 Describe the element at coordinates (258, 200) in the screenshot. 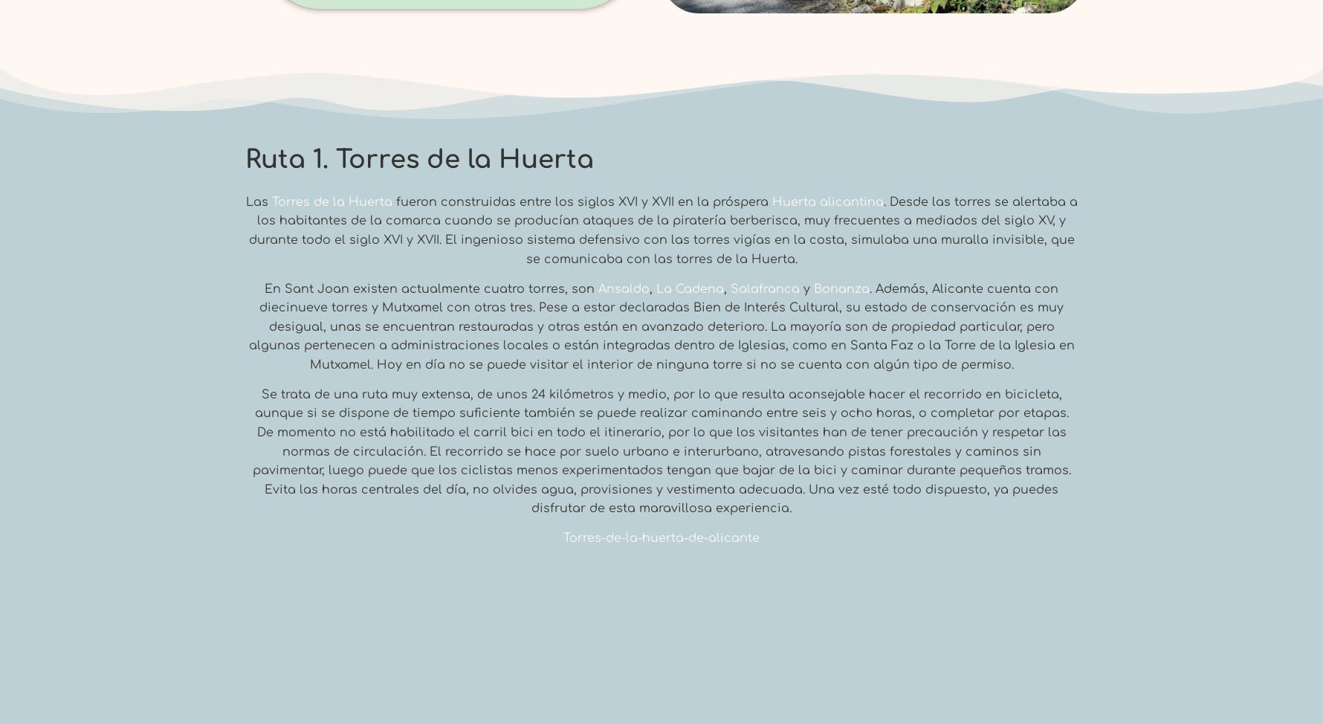

I see `'Las'` at that location.